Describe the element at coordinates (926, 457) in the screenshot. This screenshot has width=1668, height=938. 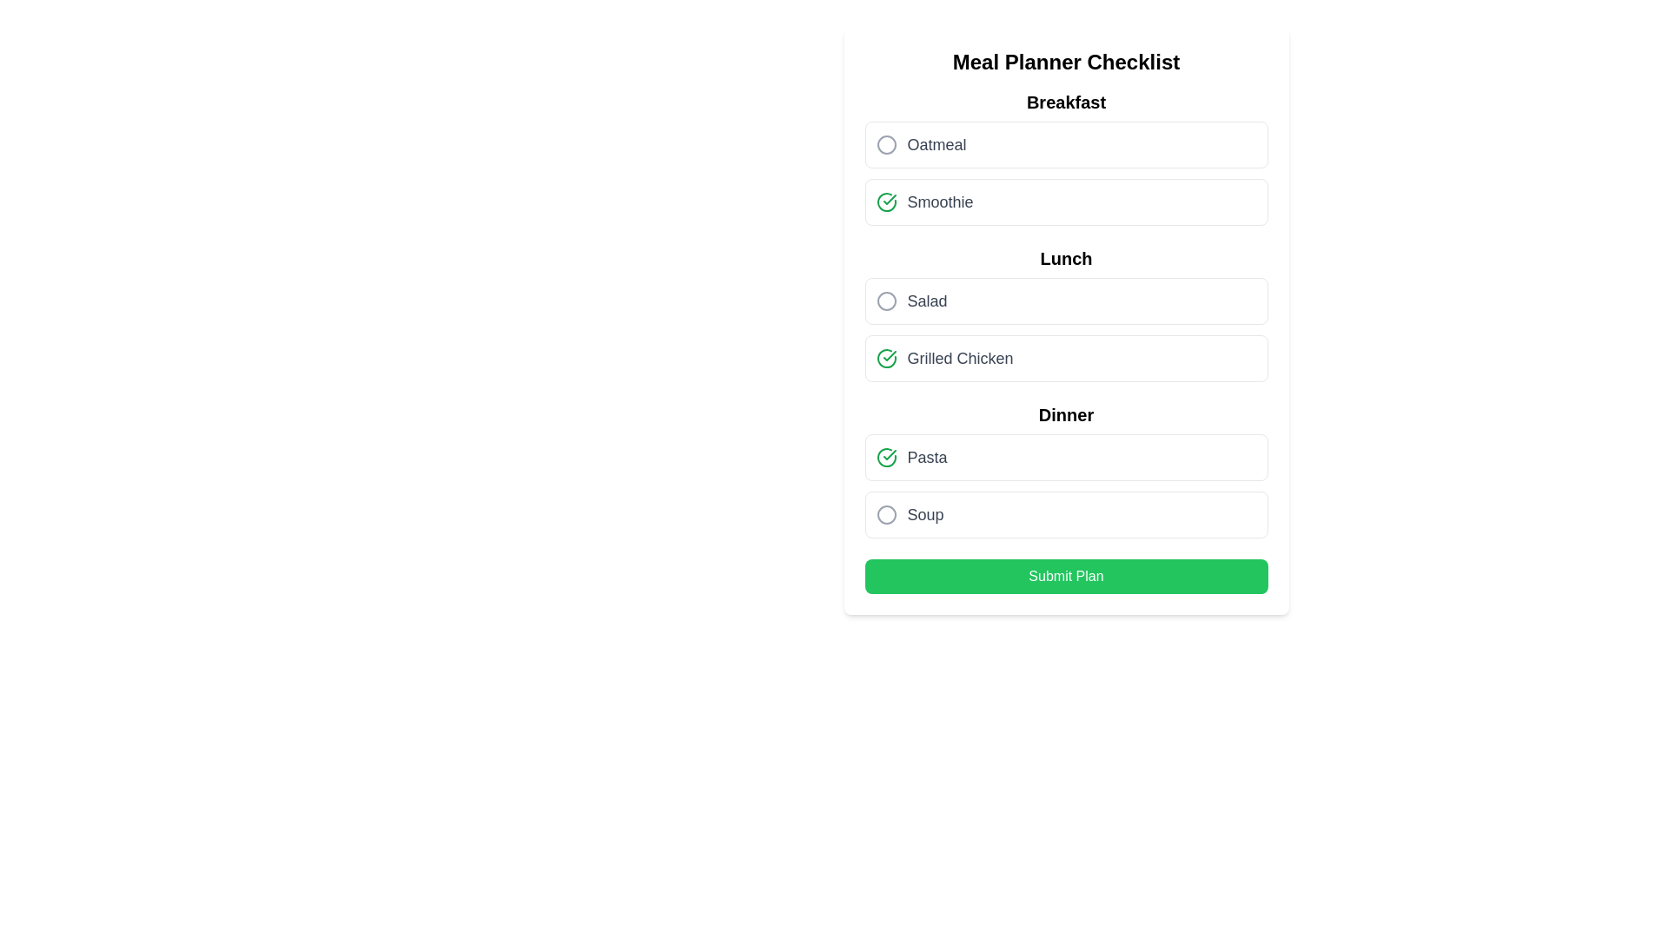
I see `the static text label displaying 'Pasta' in a gray-colored font, which is part of the Dinner section of the meal planner interface` at that location.